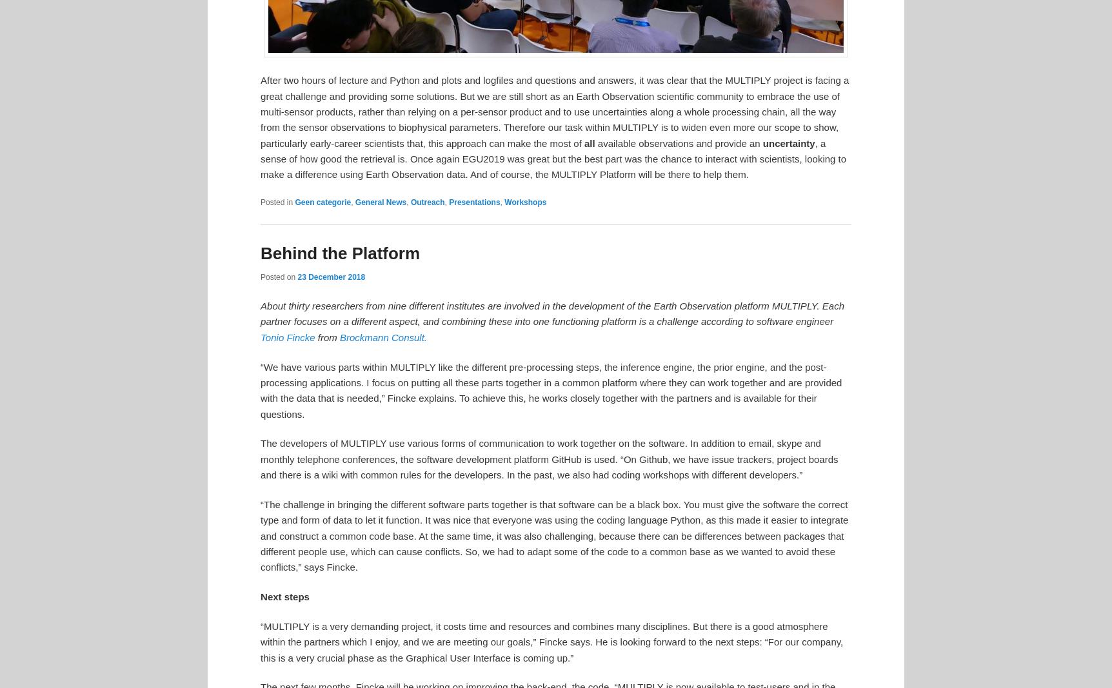 This screenshot has width=1112, height=688. Describe the element at coordinates (330, 276) in the screenshot. I see `'23 December 2018'` at that location.